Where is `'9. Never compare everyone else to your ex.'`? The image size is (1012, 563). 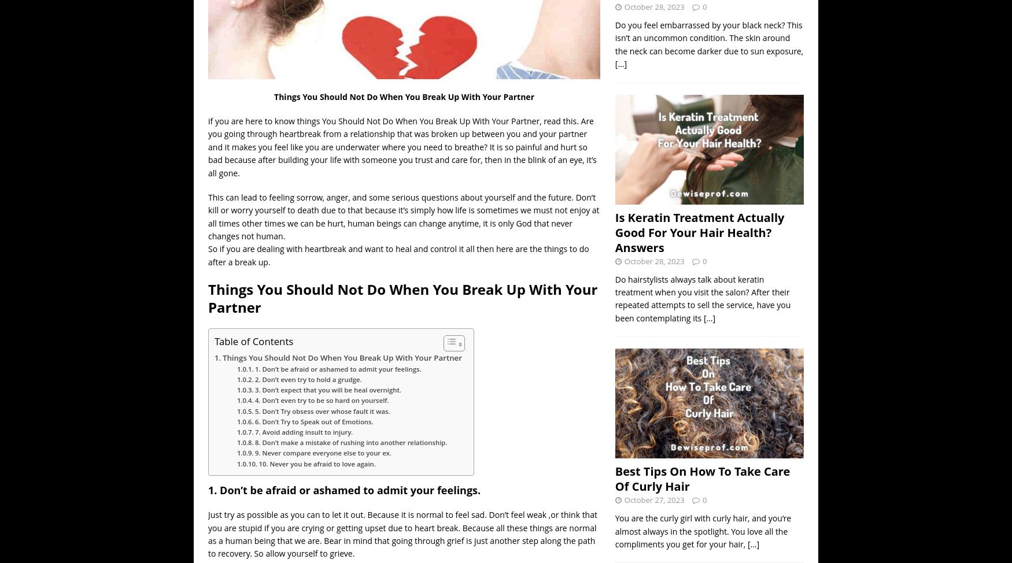
'9. Never compare everyone else to your ex.' is located at coordinates (322, 452).